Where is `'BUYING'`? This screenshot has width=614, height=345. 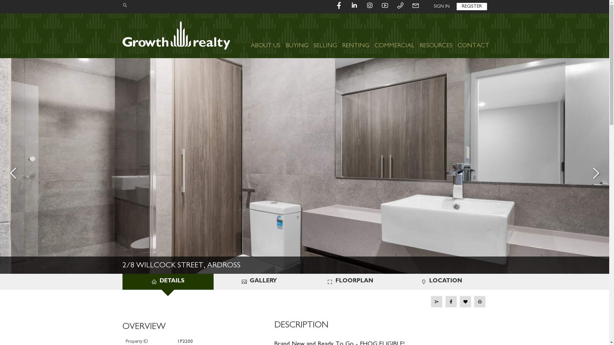 'BUYING' is located at coordinates (296, 35).